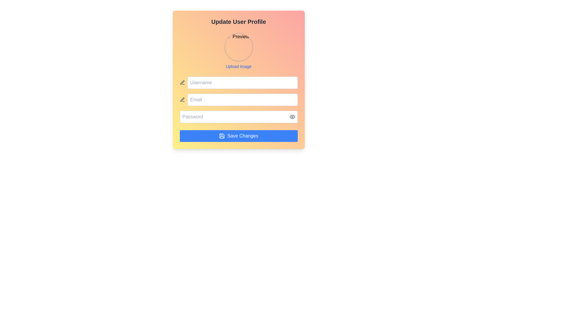 The width and height of the screenshot is (566, 318). Describe the element at coordinates (238, 136) in the screenshot. I see `the save button located at the bottom of the form` at that location.